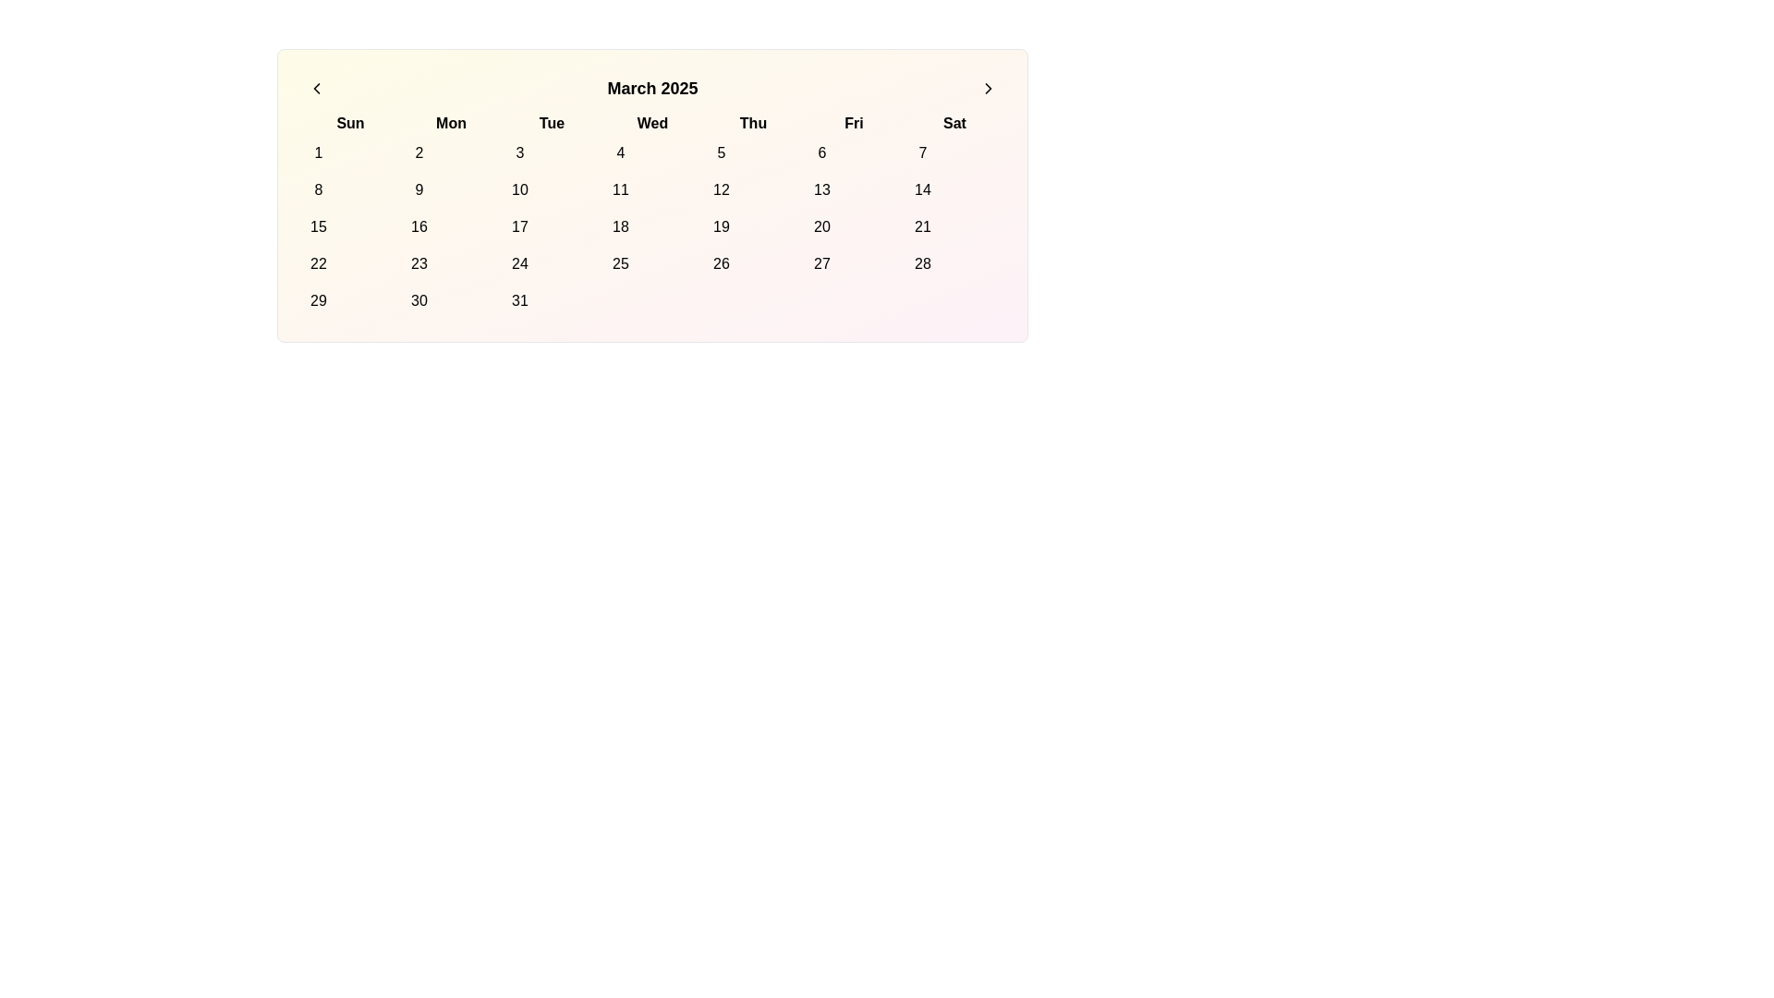  Describe the element at coordinates (319, 226) in the screenshot. I see `the button representing the calendar day '15' located in the fourth row and first column under the 'Sun' column header` at that location.